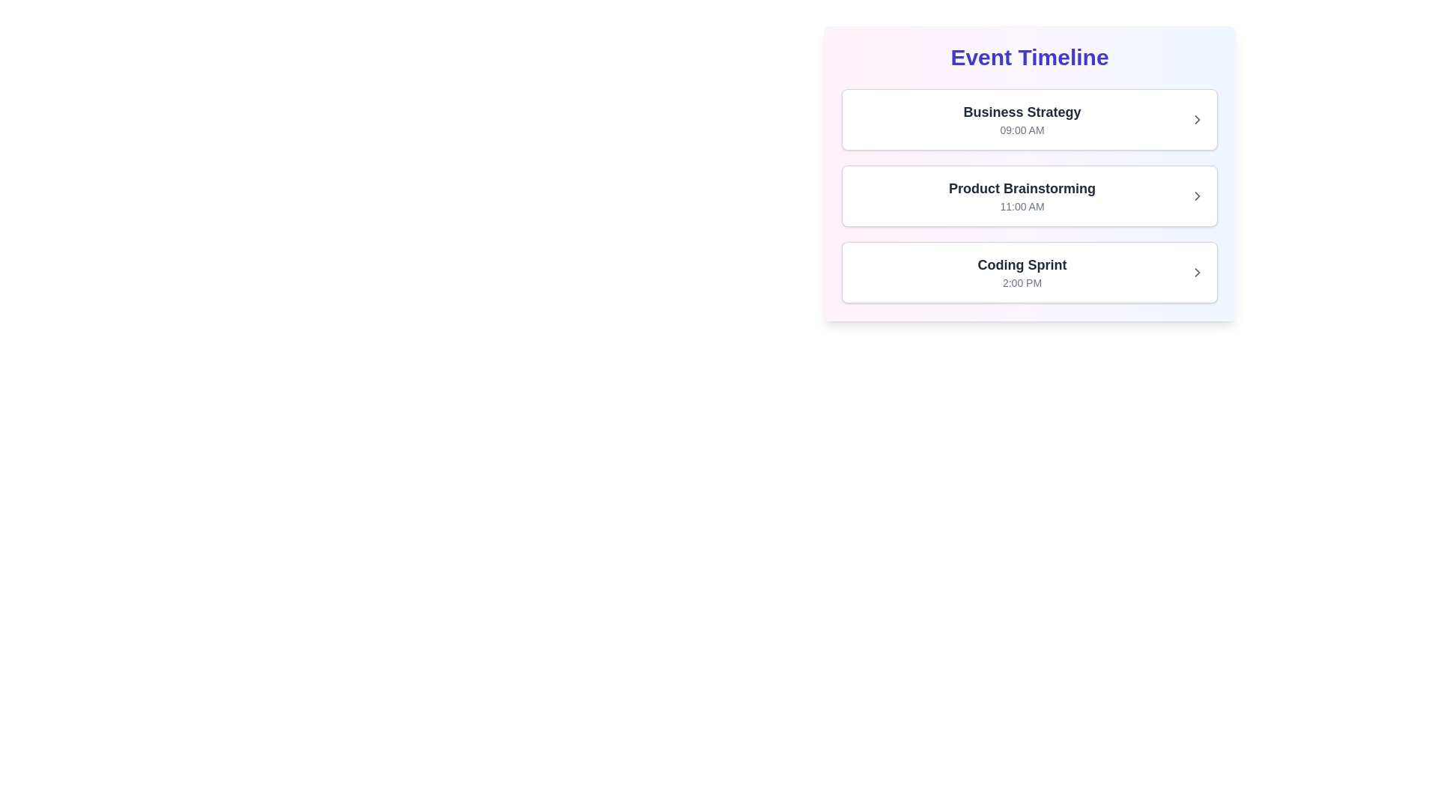 This screenshot has height=809, width=1438. I want to click on title text of the event within the 'Event Timeline' panel, located above '11:00 AM' and below 'Event Timeline', so click(1021, 187).